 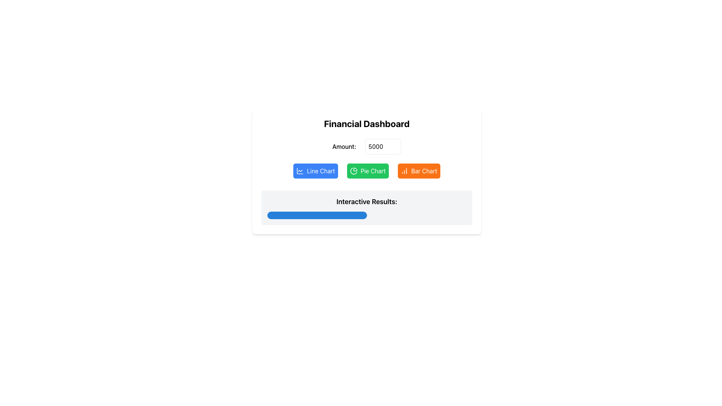 What do you see at coordinates (367, 208) in the screenshot?
I see `the 'Interactive Results:' section of the Informational Section with Progress Bar to influence related sections of the dashboard` at bounding box center [367, 208].